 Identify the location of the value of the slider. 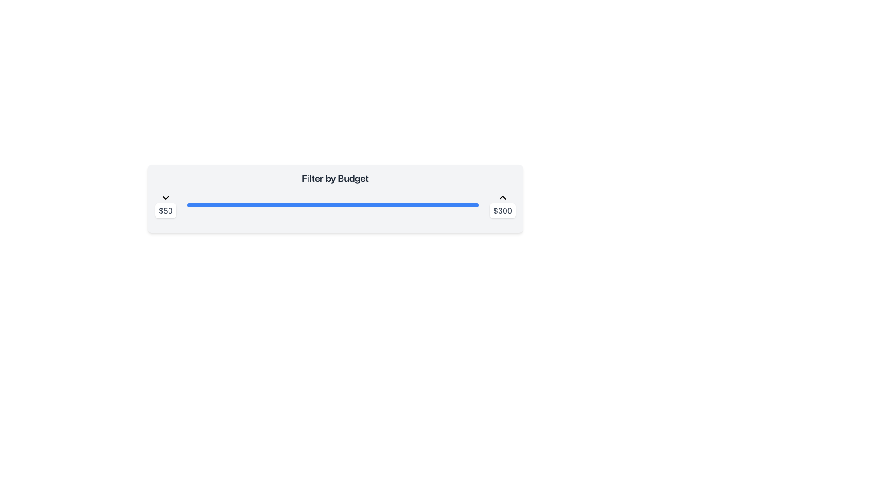
(239, 205).